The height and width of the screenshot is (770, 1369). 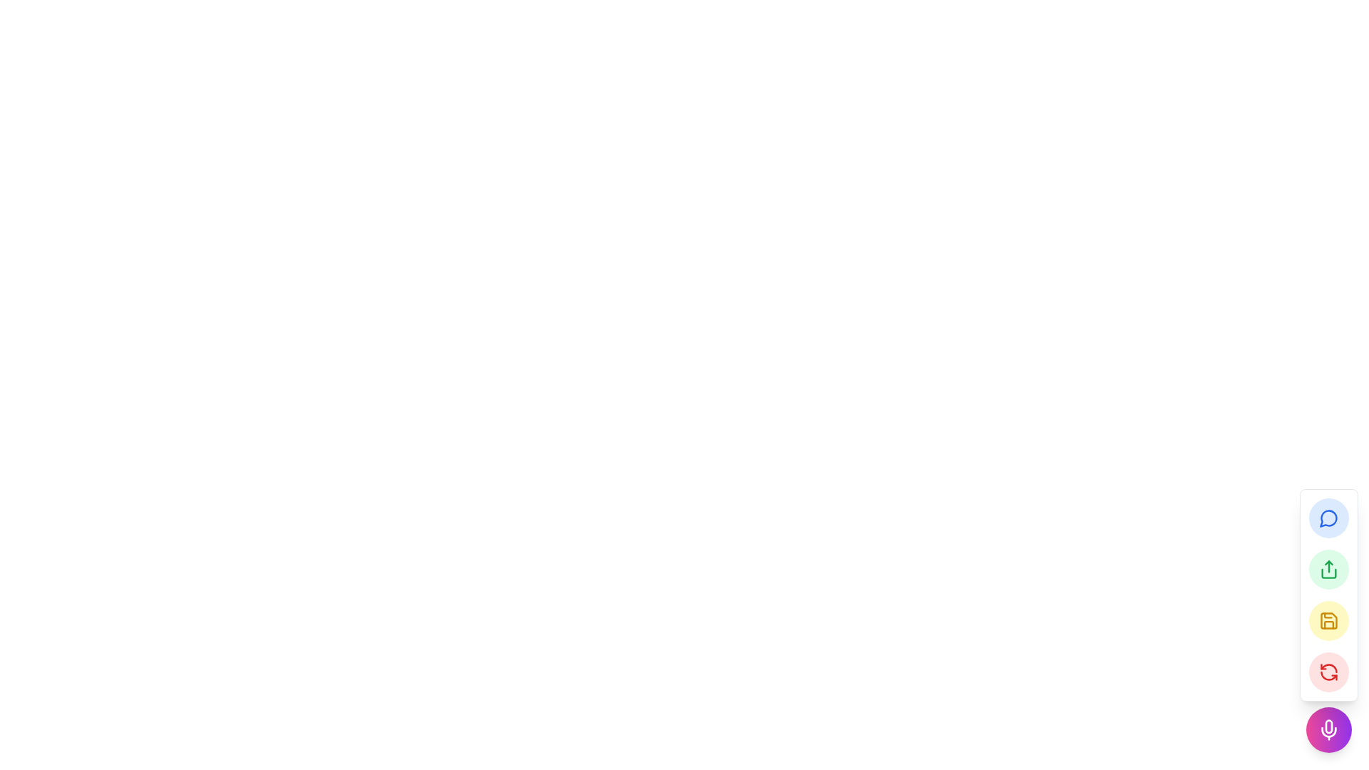 I want to click on the circular refresh button with an icon located at the bottom right corner of the interface, so click(x=1328, y=672).